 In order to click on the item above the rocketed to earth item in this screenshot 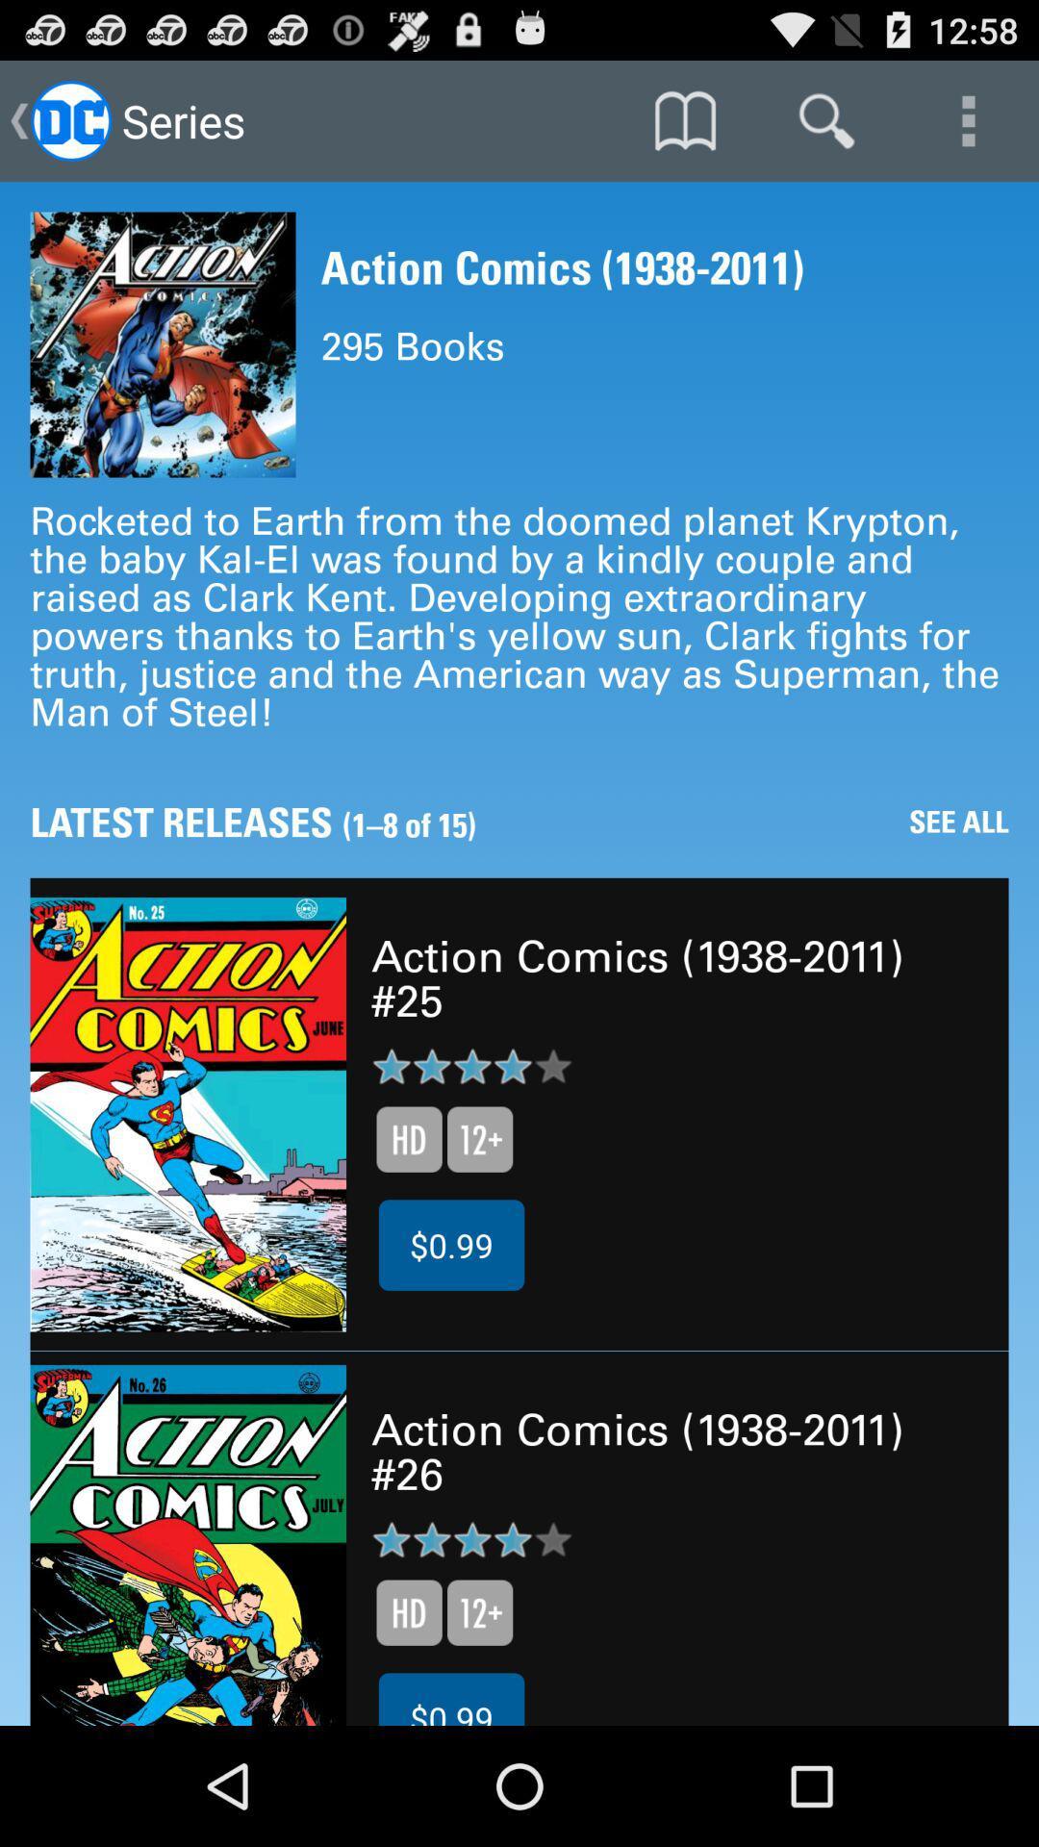, I will do `click(968, 119)`.